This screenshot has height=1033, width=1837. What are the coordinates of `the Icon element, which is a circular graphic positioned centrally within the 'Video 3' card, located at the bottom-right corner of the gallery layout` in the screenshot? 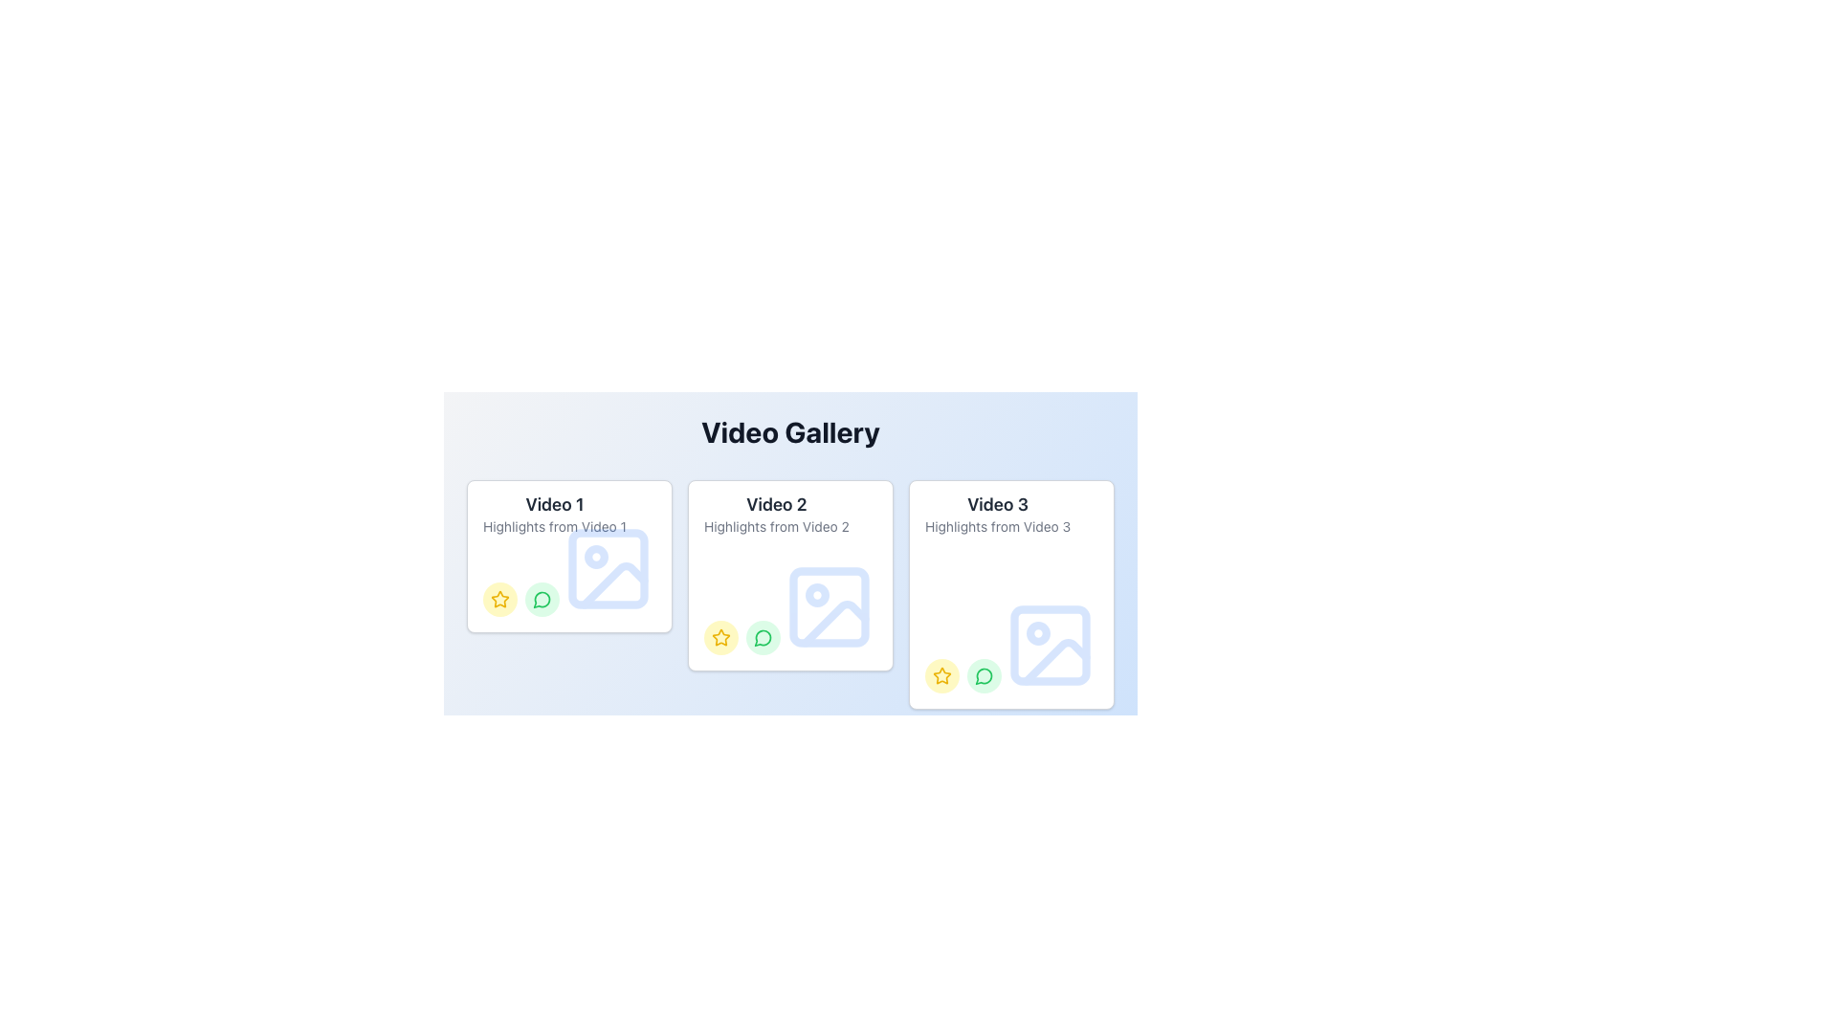 It's located at (1037, 633).